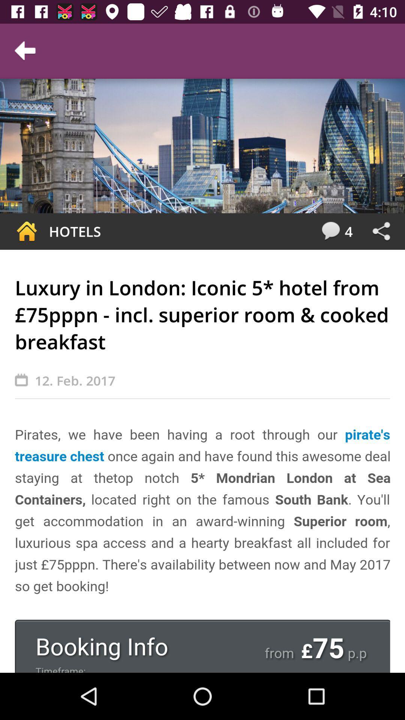 The height and width of the screenshot is (720, 405). What do you see at coordinates (381, 231) in the screenshot?
I see `press share icon` at bounding box center [381, 231].